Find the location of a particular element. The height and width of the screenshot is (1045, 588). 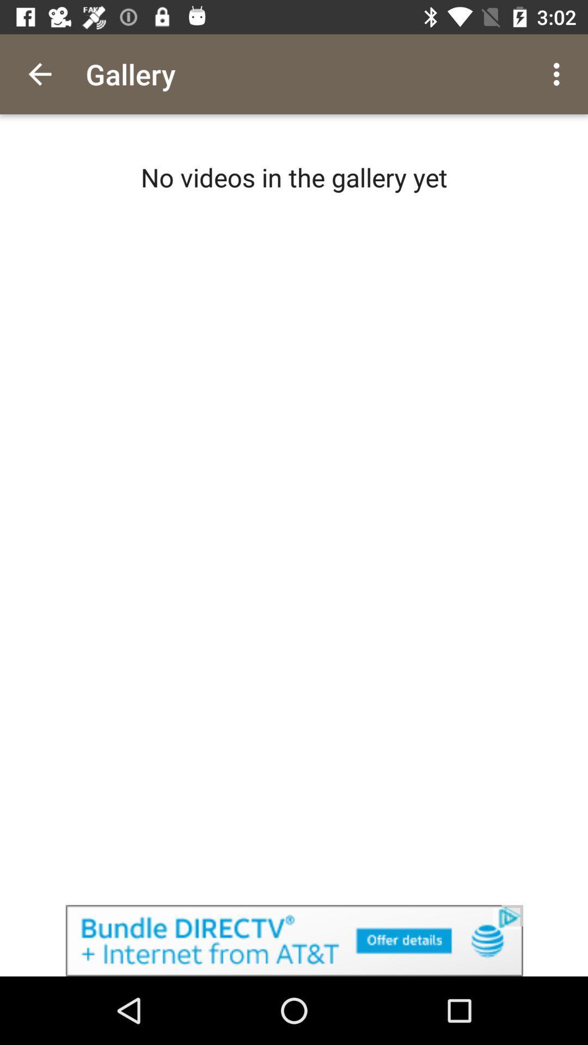

advertising is located at coordinates (294, 940).